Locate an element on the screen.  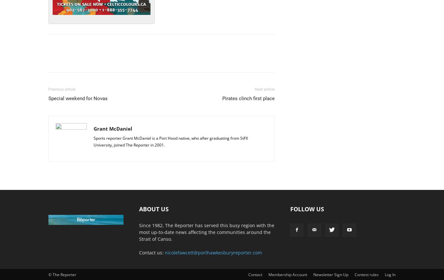
'Since 1982, The Reporter has served this busy region with the most up-to-date news affecting the communities around the Strait of Canso.' is located at coordinates (206, 232).